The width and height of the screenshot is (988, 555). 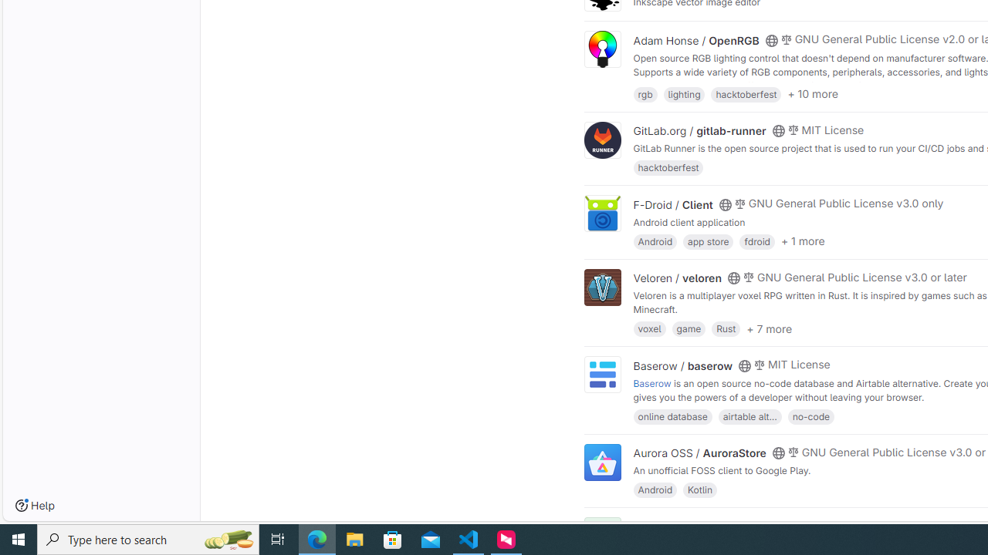 I want to click on 'airtable alt...', so click(x=749, y=415).